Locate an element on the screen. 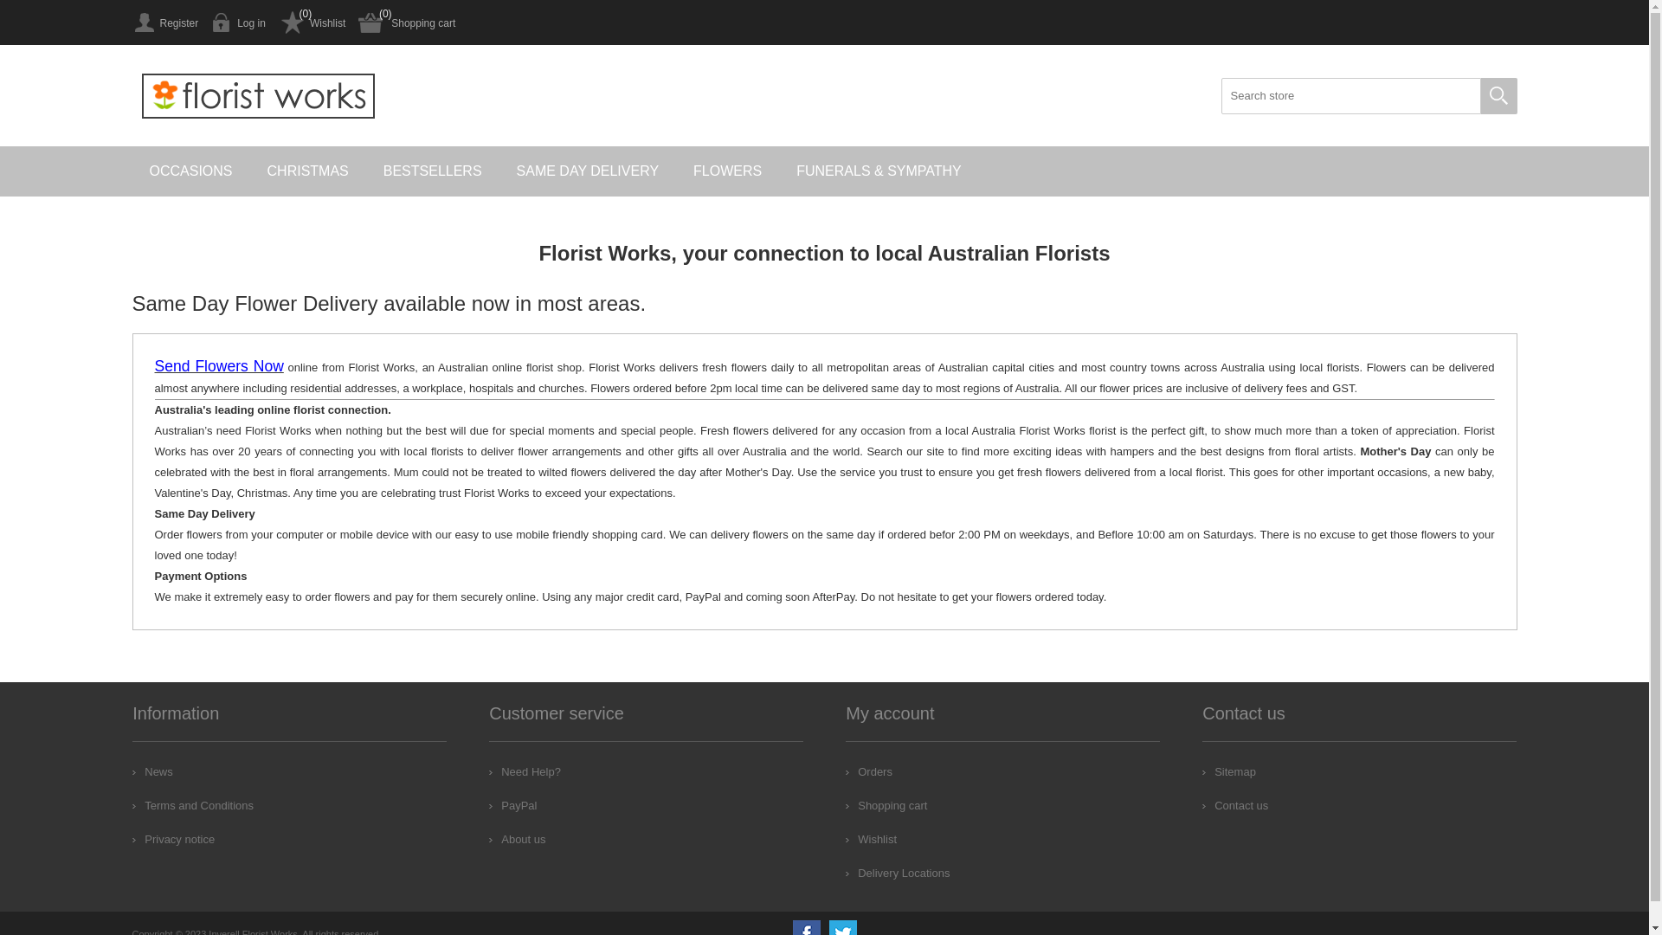 Image resolution: width=1662 pixels, height=935 pixels. 'Contact us' is located at coordinates (1234, 805).